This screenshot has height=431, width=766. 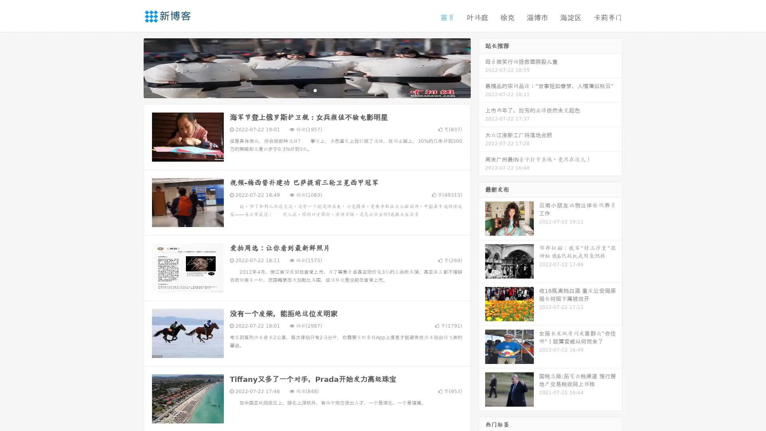 What do you see at coordinates (482, 67) in the screenshot?
I see `Next slide` at bounding box center [482, 67].